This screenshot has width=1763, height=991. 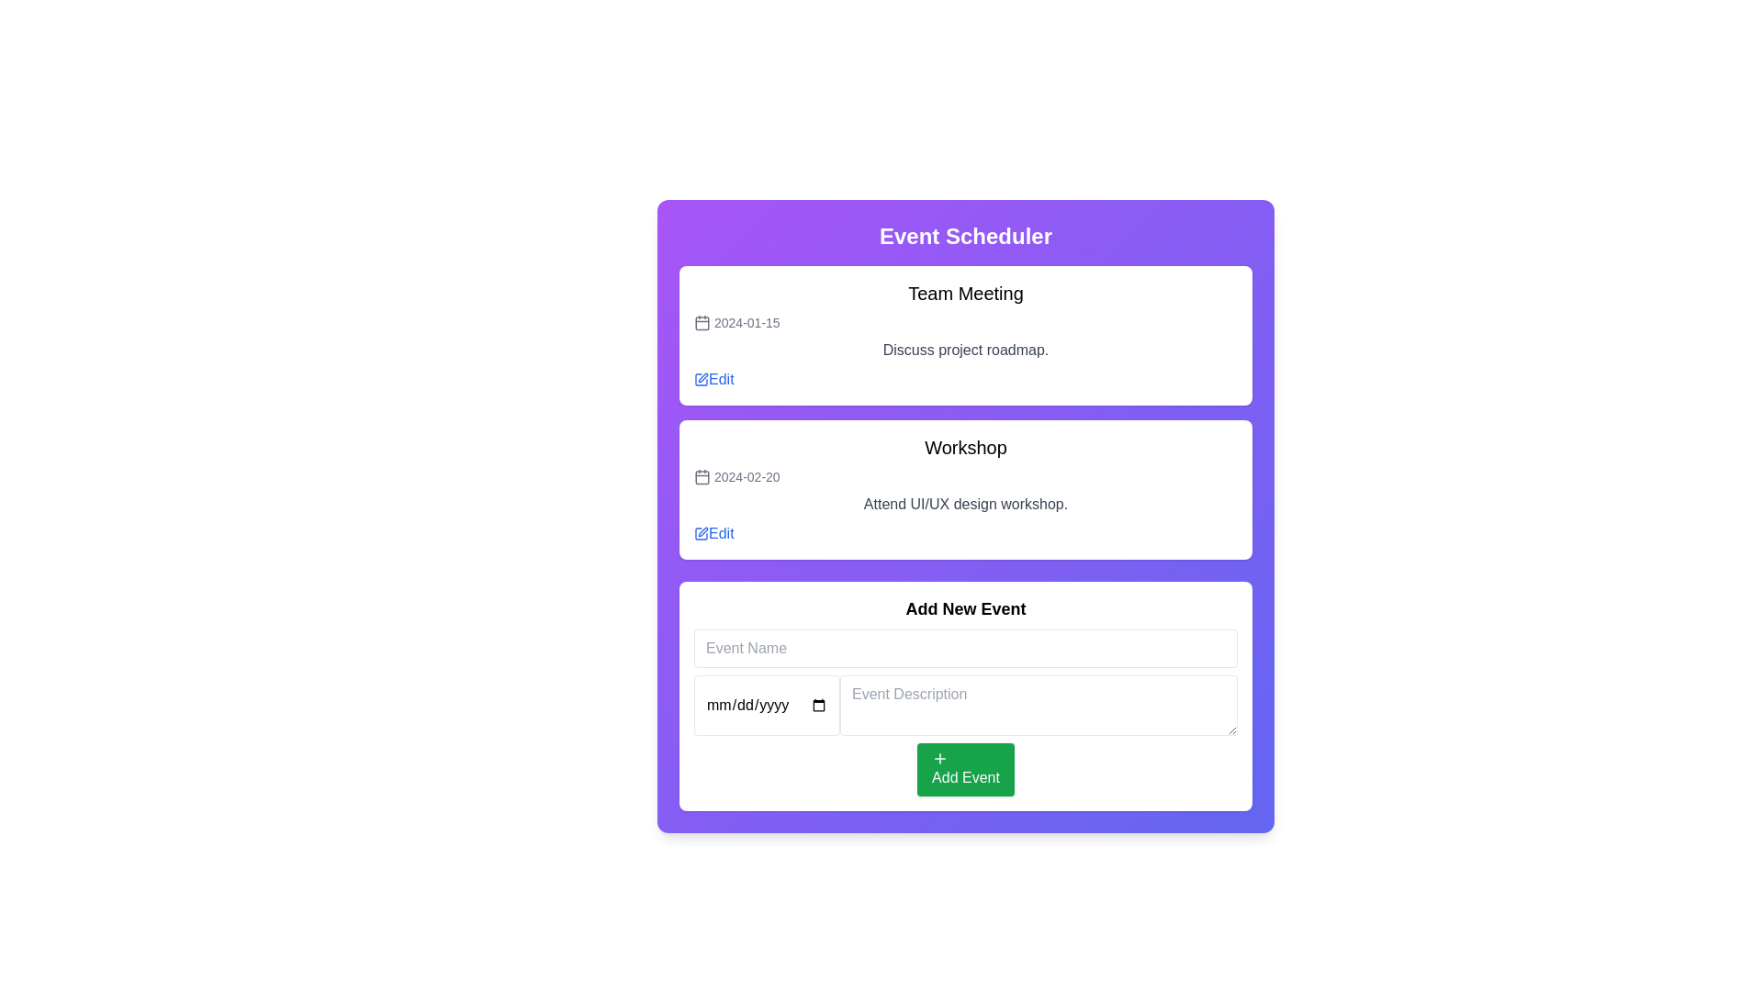 What do you see at coordinates (700, 378) in the screenshot?
I see `the pen icon located to the left of the 'Edit' text in the 'Team Meeting' event block under 'Event Scheduler' to trigger a tooltip or visual feedback` at bounding box center [700, 378].